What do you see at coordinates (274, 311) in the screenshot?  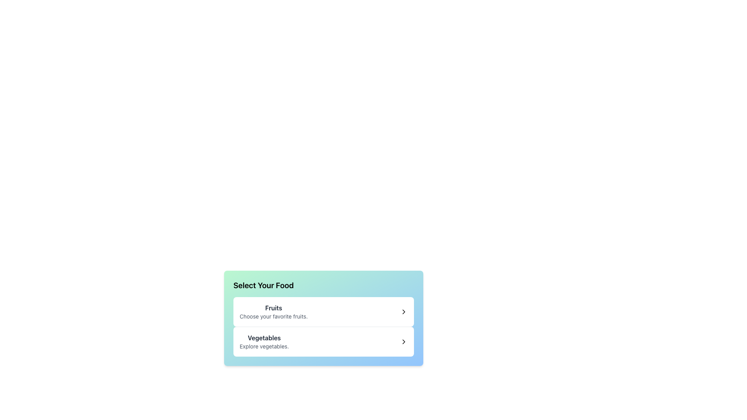 I see `the Informational Card that displays 'Fruits' in bold text and 'Choose your favorite fruits.' in smaller gray text` at bounding box center [274, 311].